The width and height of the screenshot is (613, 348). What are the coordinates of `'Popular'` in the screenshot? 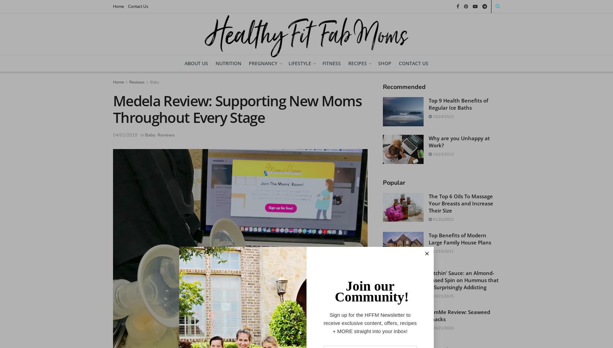 It's located at (394, 182).